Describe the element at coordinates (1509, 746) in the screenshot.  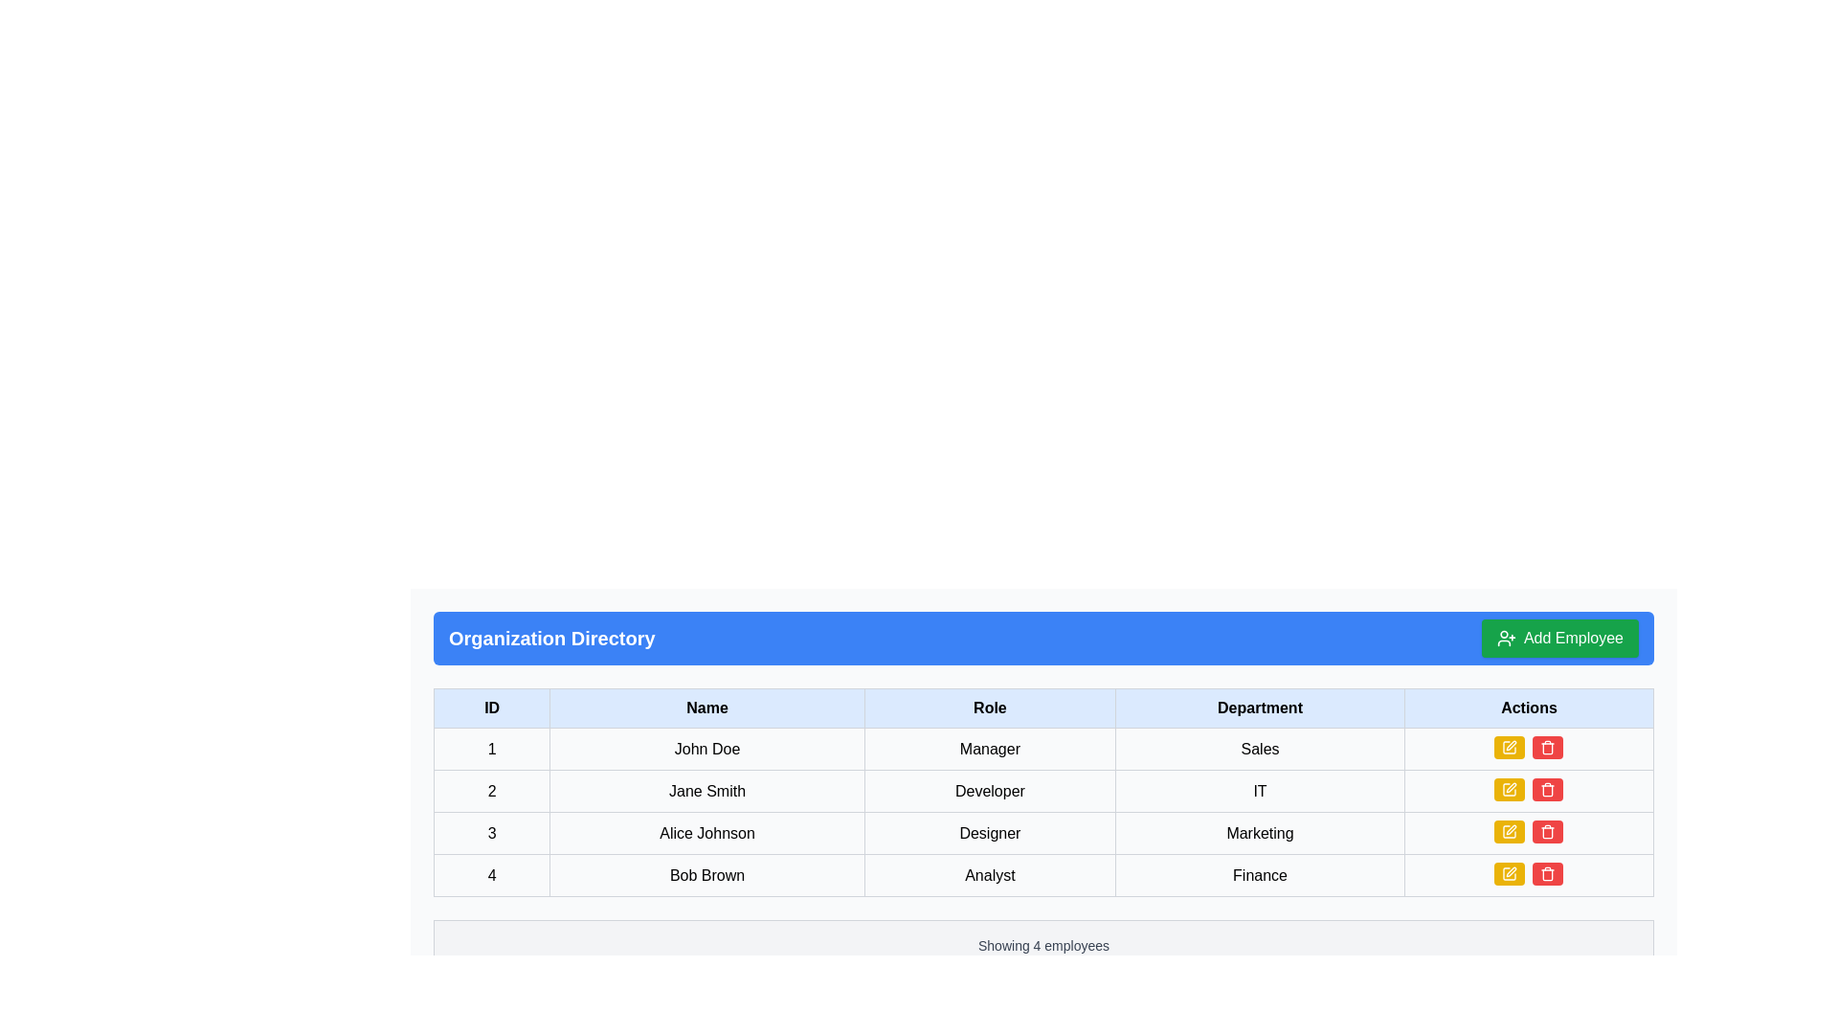
I see `the edit button located in the 'Actions' column of the table row for employee 'John Doe'` at that location.